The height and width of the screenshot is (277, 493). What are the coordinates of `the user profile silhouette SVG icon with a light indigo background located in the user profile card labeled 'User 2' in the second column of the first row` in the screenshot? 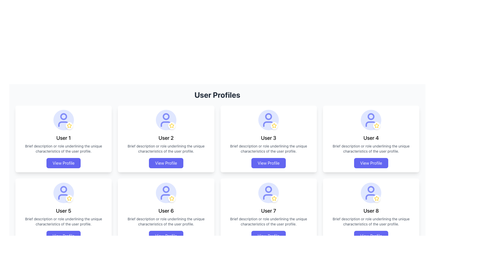 It's located at (166, 120).